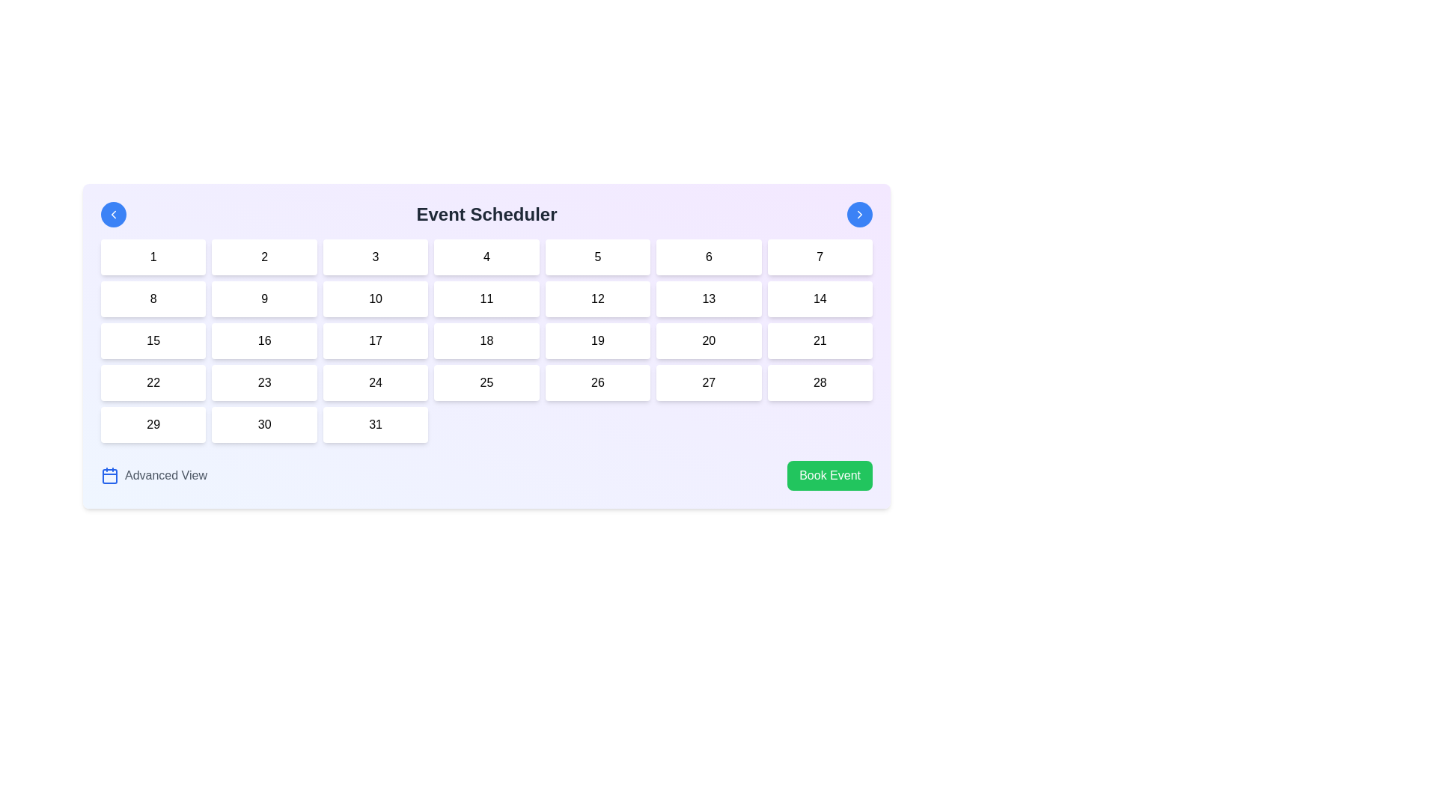  Describe the element at coordinates (708, 299) in the screenshot. I see `the button for the 13th day in the calendar interface located in the second row and sixth column of a 7-column grid` at that location.